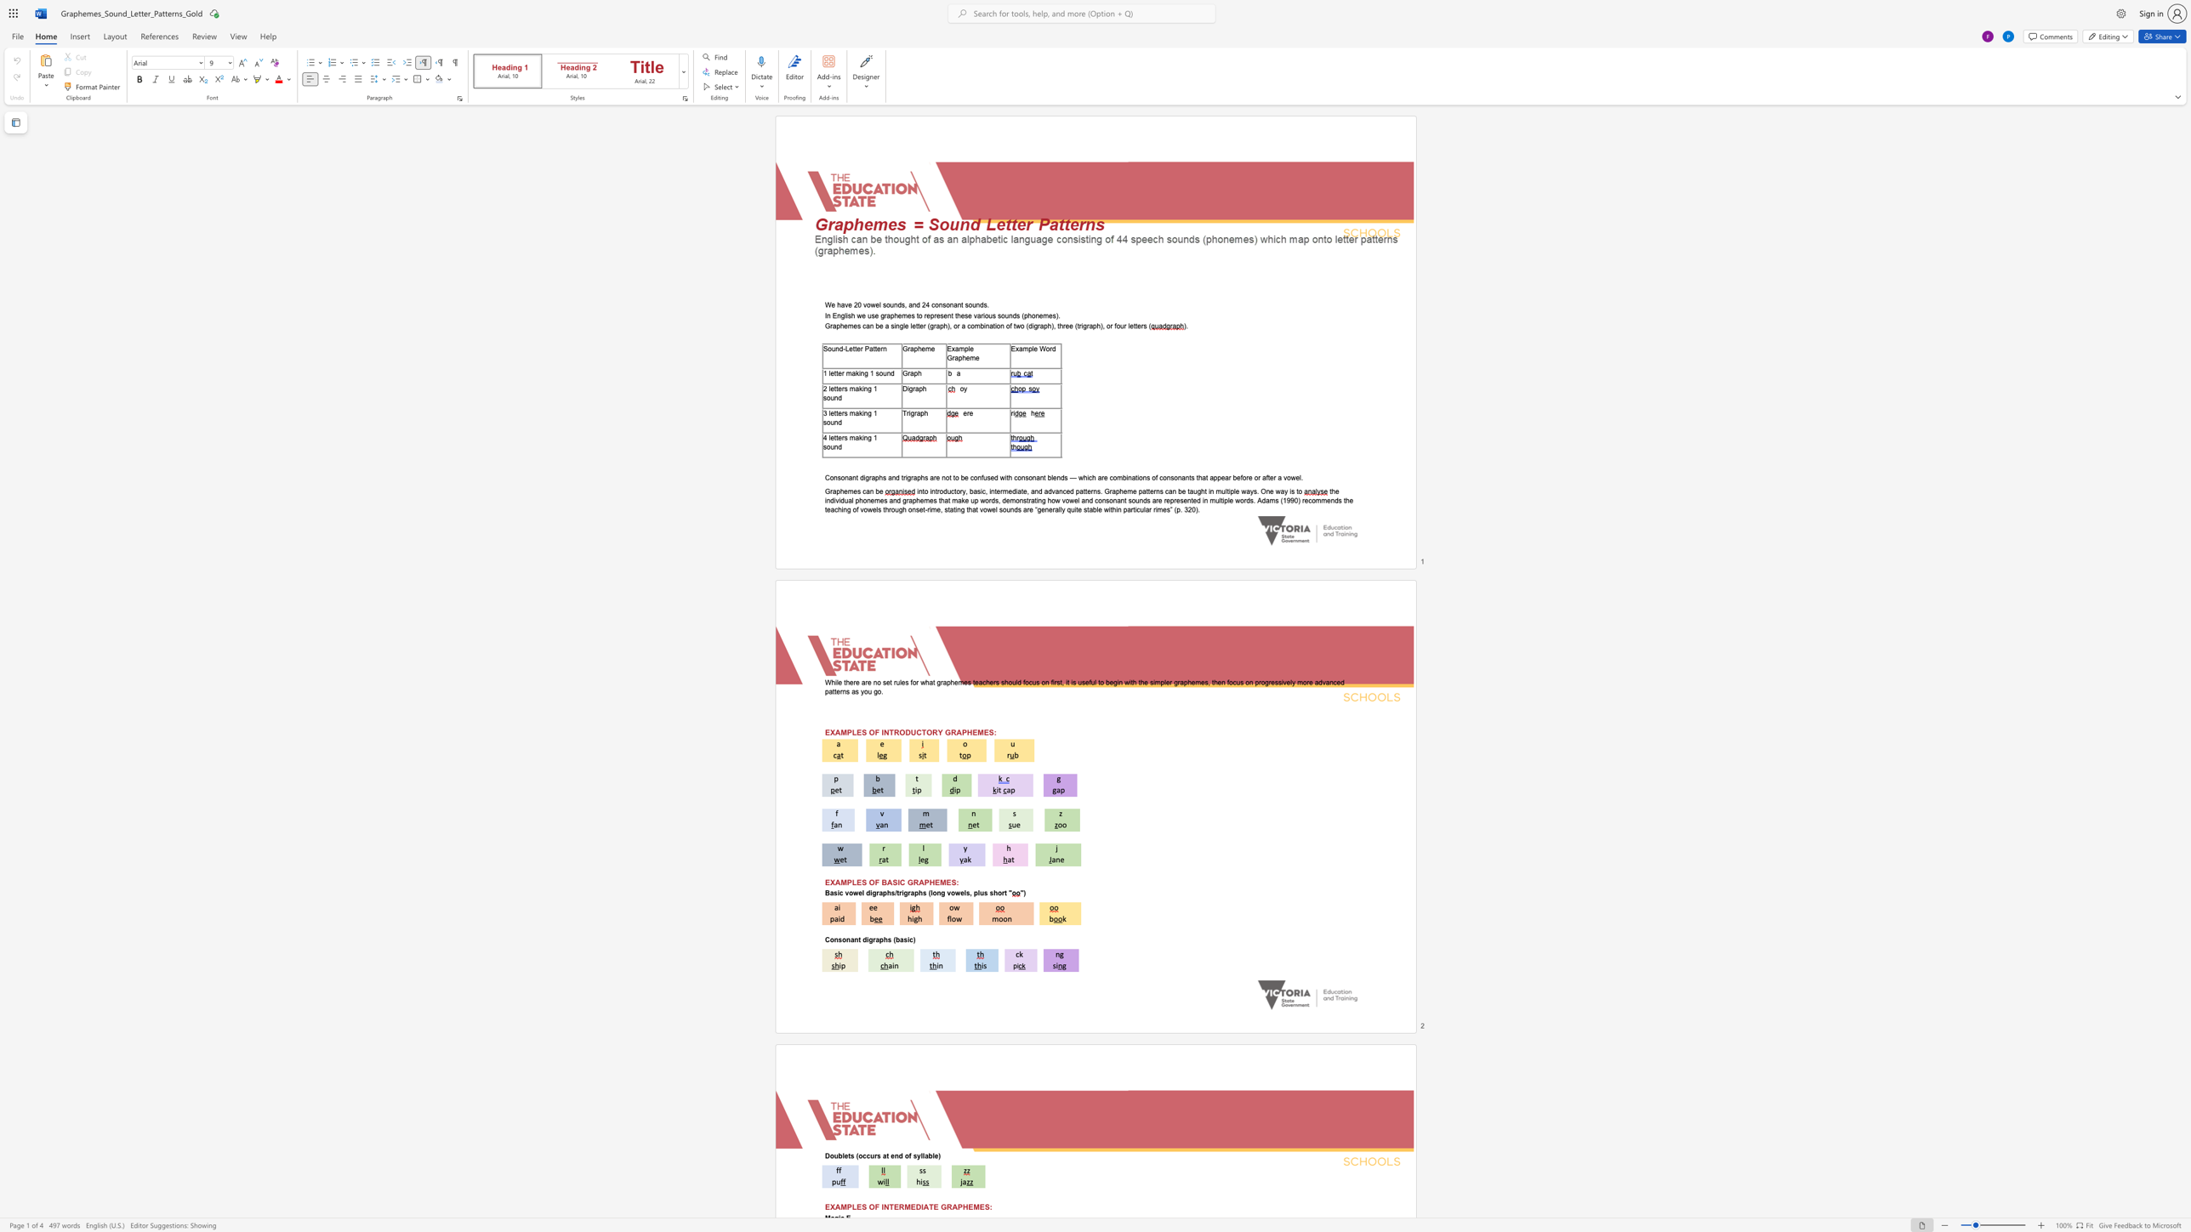  What do you see at coordinates (1027, 500) in the screenshot?
I see `the subset text "ra" within the text "demonstrating"` at bounding box center [1027, 500].